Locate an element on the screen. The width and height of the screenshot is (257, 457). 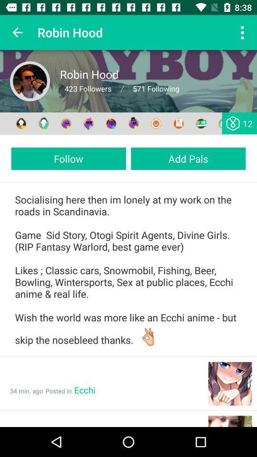
item next to the add pals icon is located at coordinates (68, 159).